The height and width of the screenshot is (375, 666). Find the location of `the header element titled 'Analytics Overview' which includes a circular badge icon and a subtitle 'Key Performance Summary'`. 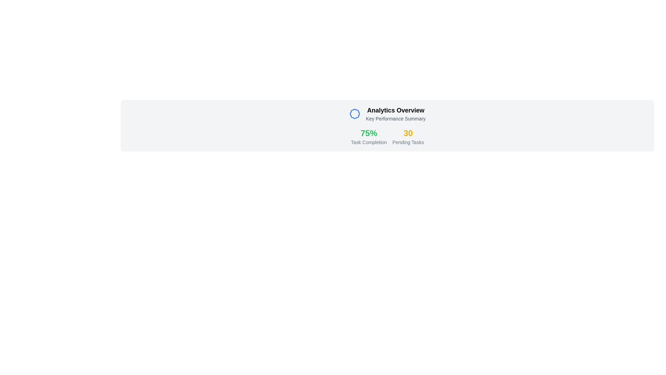

the header element titled 'Analytics Overview' which includes a circular badge icon and a subtitle 'Key Performance Summary' is located at coordinates (387, 113).